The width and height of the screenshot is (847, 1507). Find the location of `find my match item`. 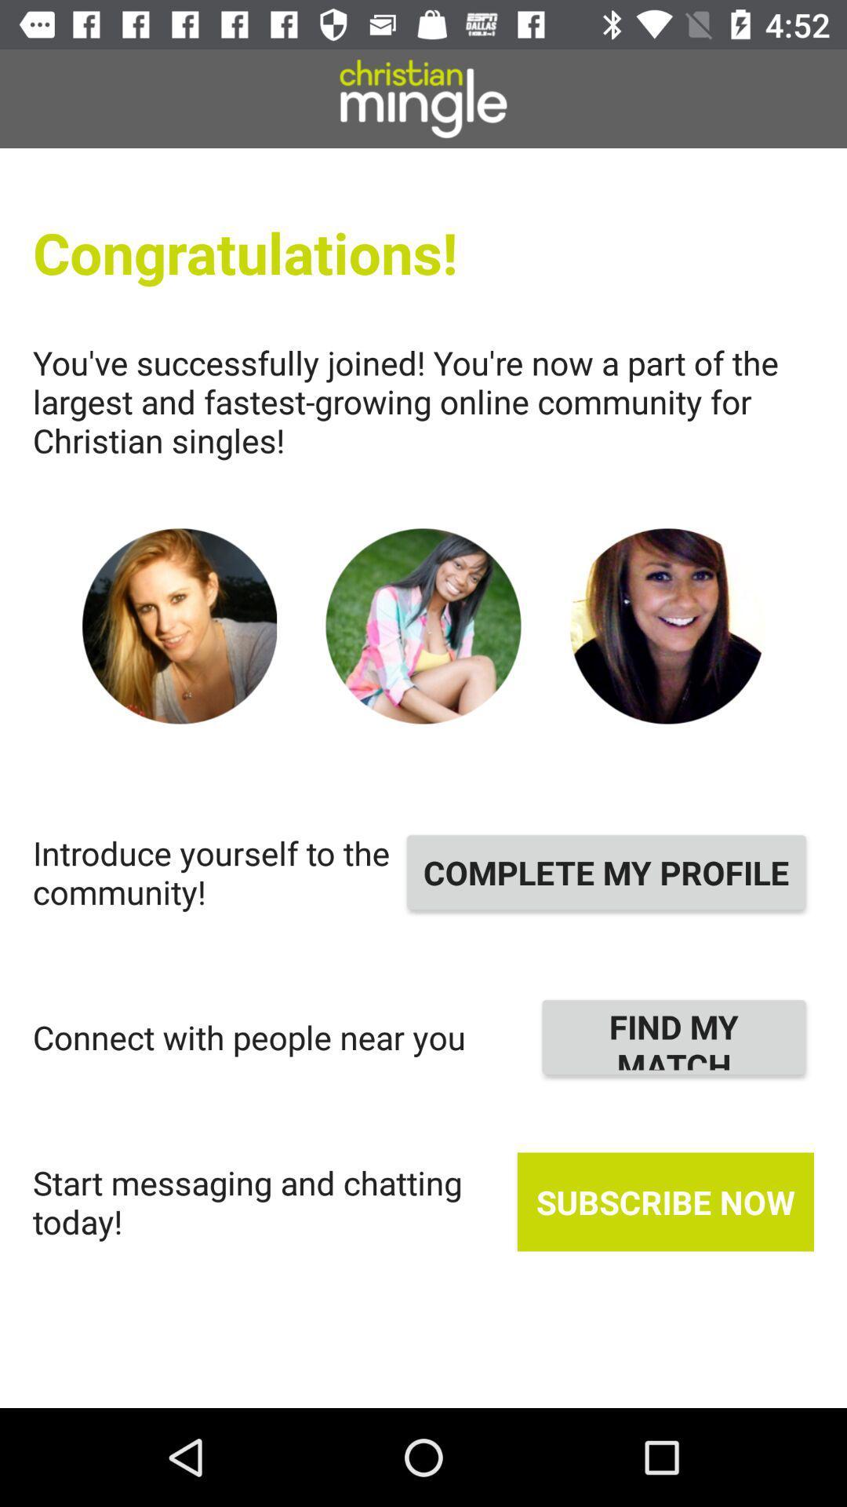

find my match item is located at coordinates (673, 1037).